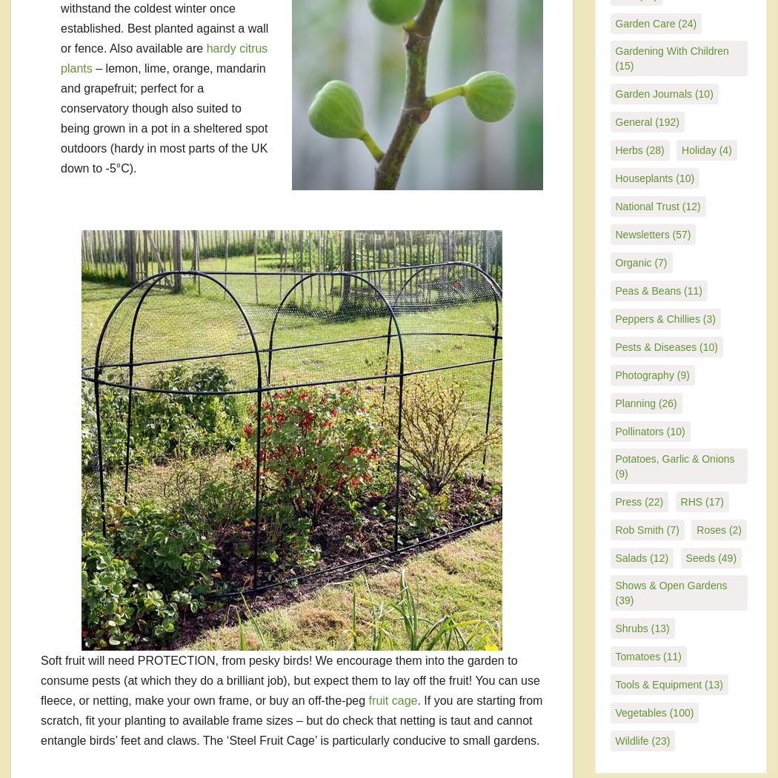  I want to click on 'pests & diseases', so click(655, 346).